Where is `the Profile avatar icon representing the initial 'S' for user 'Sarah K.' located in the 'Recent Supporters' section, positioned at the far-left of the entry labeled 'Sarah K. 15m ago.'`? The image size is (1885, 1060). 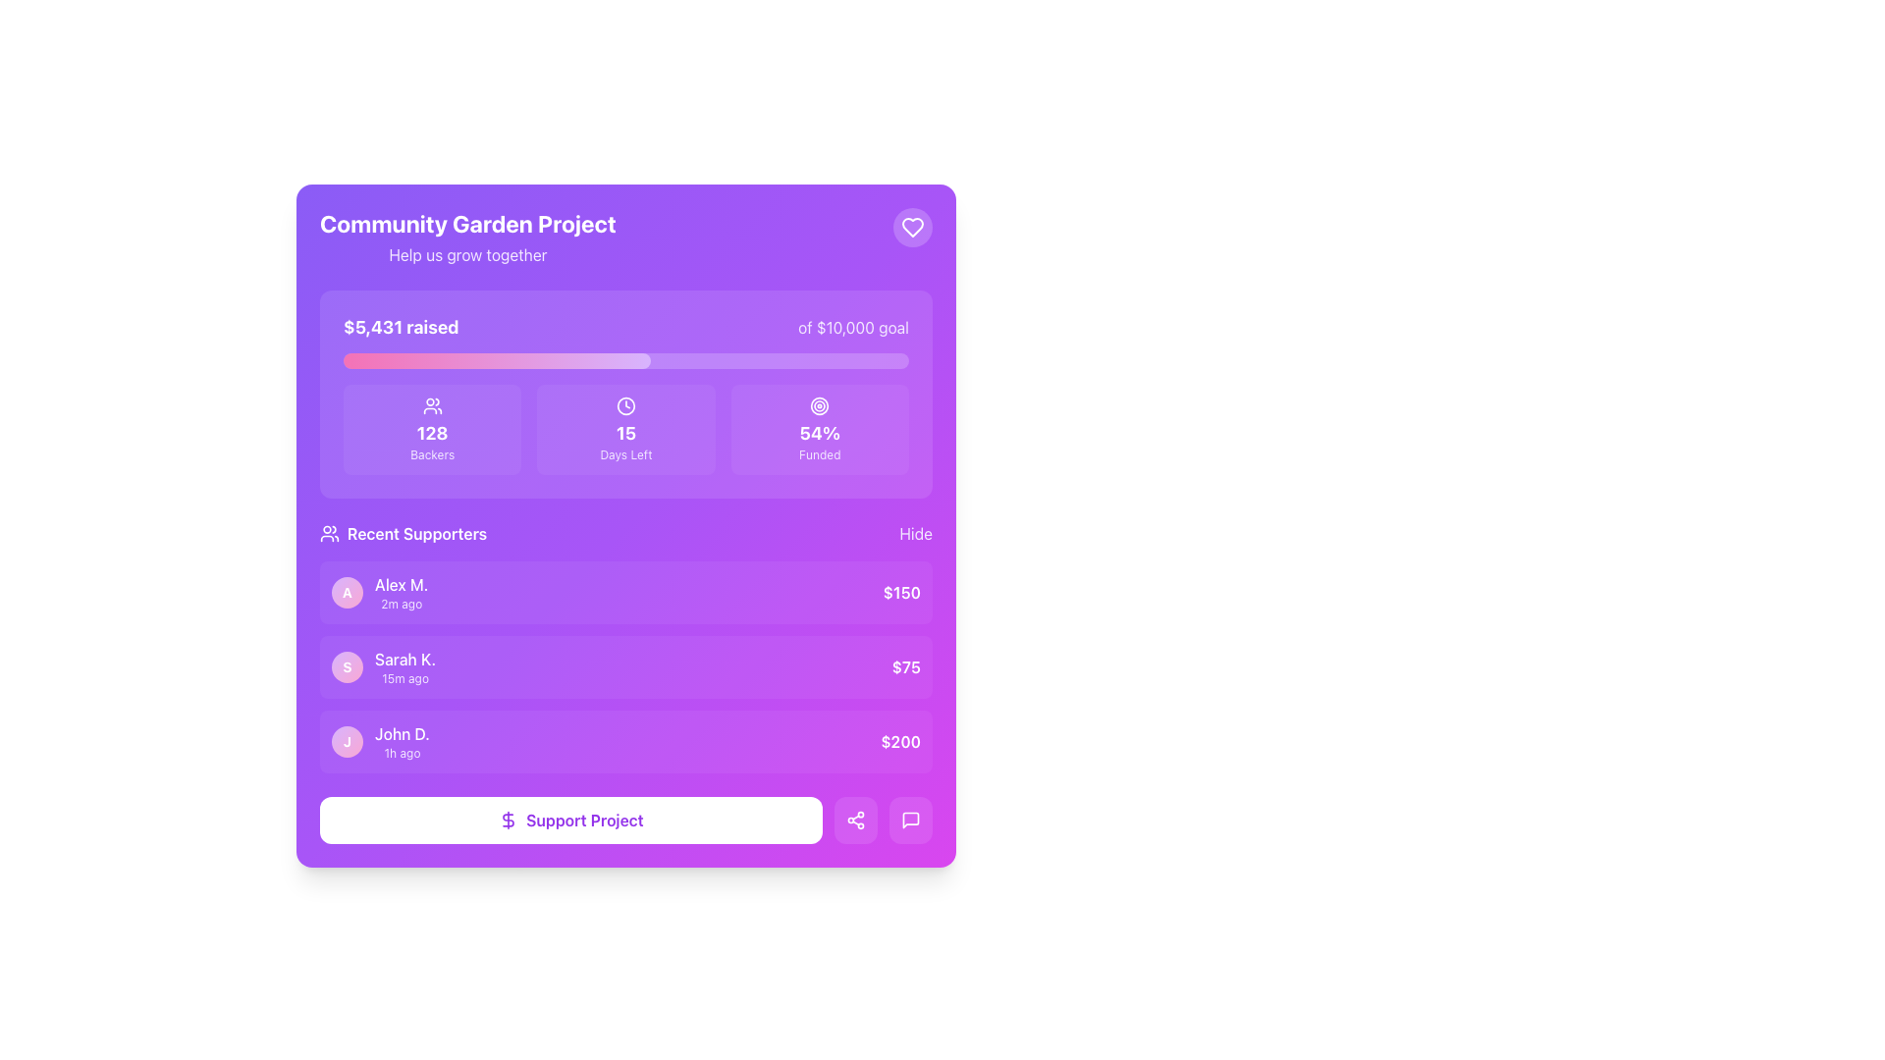 the Profile avatar icon representing the initial 'S' for user 'Sarah K.' located in the 'Recent Supporters' section, positioned at the far-left of the entry labeled 'Sarah K. 15m ago.' is located at coordinates (348, 665).